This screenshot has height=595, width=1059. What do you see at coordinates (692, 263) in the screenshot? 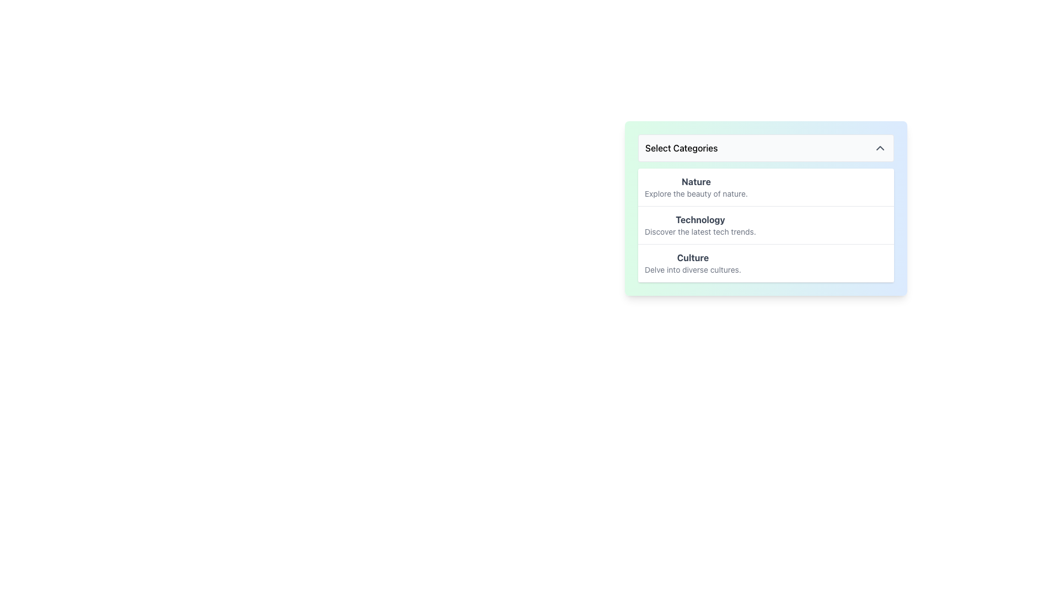
I see `the List item labeled 'Culture'` at bounding box center [692, 263].